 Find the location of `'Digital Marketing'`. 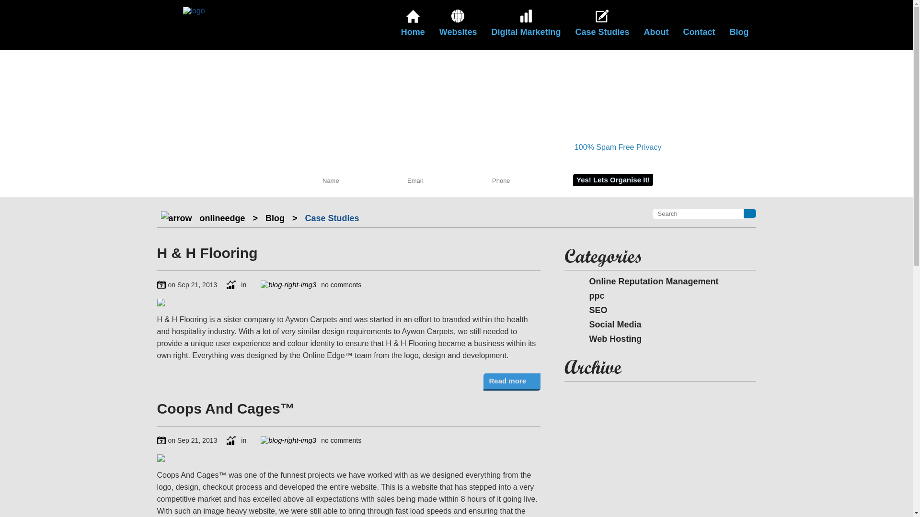

'Digital Marketing' is located at coordinates (525, 24).